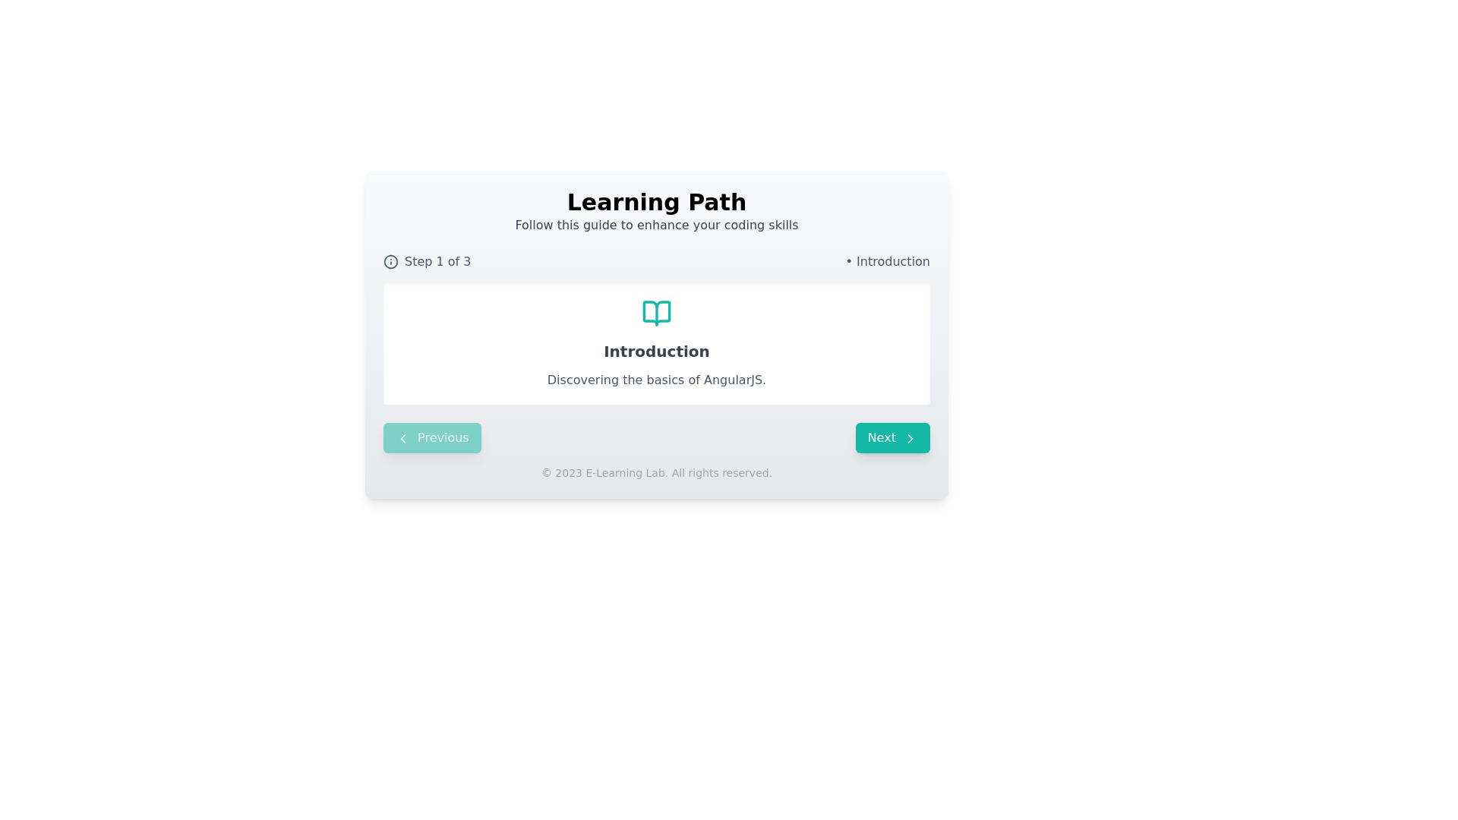 This screenshot has height=820, width=1458. I want to click on the rounded teal button labeled 'Next' with a right-pointing arrow icon to trigger the hover effect state, so click(892, 438).